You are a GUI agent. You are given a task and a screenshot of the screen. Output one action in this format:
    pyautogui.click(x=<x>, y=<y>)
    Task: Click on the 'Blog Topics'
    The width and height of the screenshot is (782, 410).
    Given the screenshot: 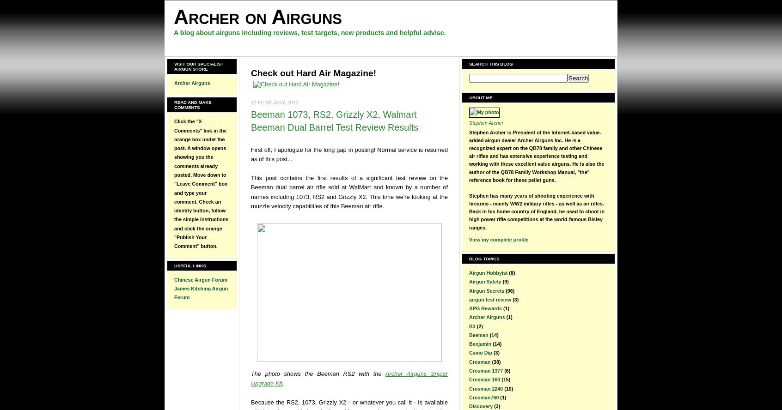 What is the action you would take?
    pyautogui.click(x=483, y=258)
    